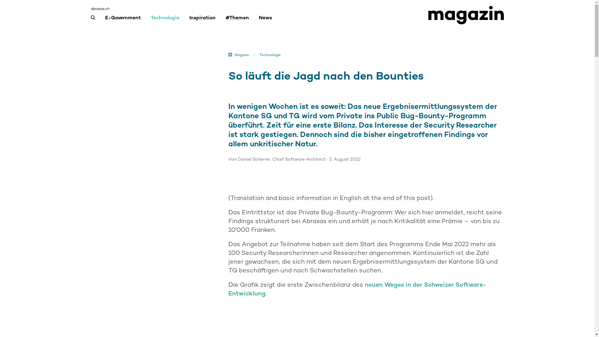  I want to click on '#Themen', so click(236, 20).